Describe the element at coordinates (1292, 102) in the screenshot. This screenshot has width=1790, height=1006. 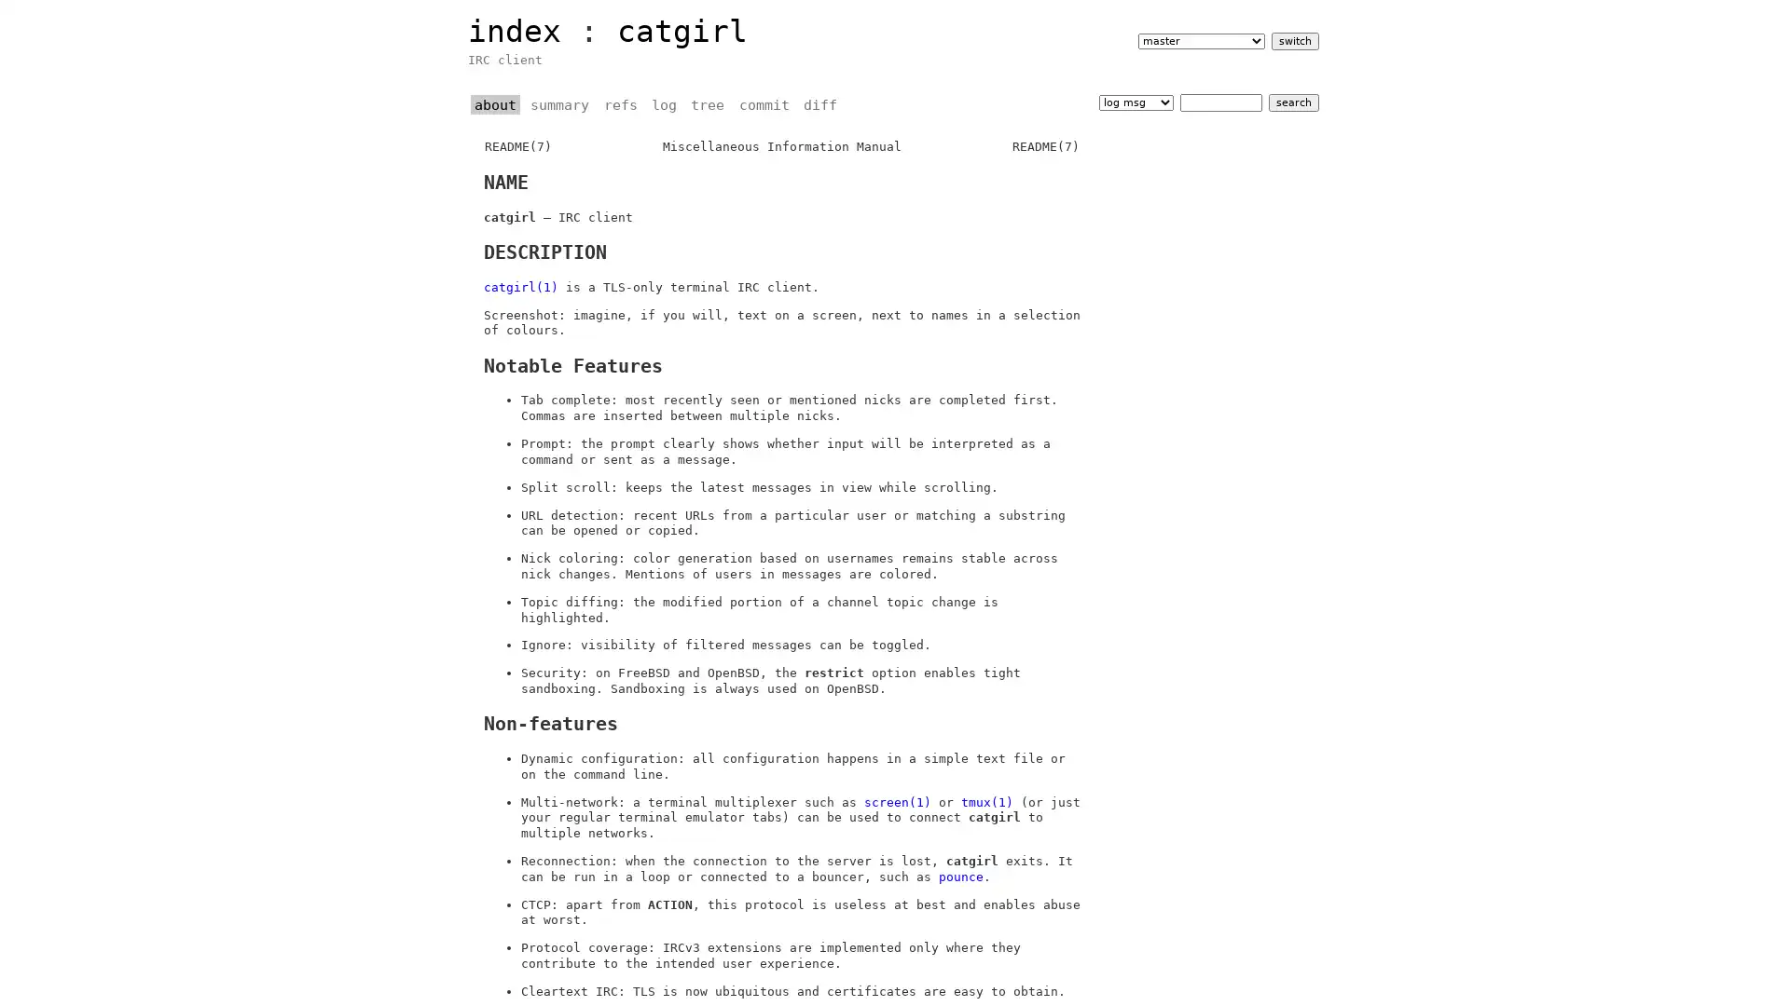
I see `search` at that location.